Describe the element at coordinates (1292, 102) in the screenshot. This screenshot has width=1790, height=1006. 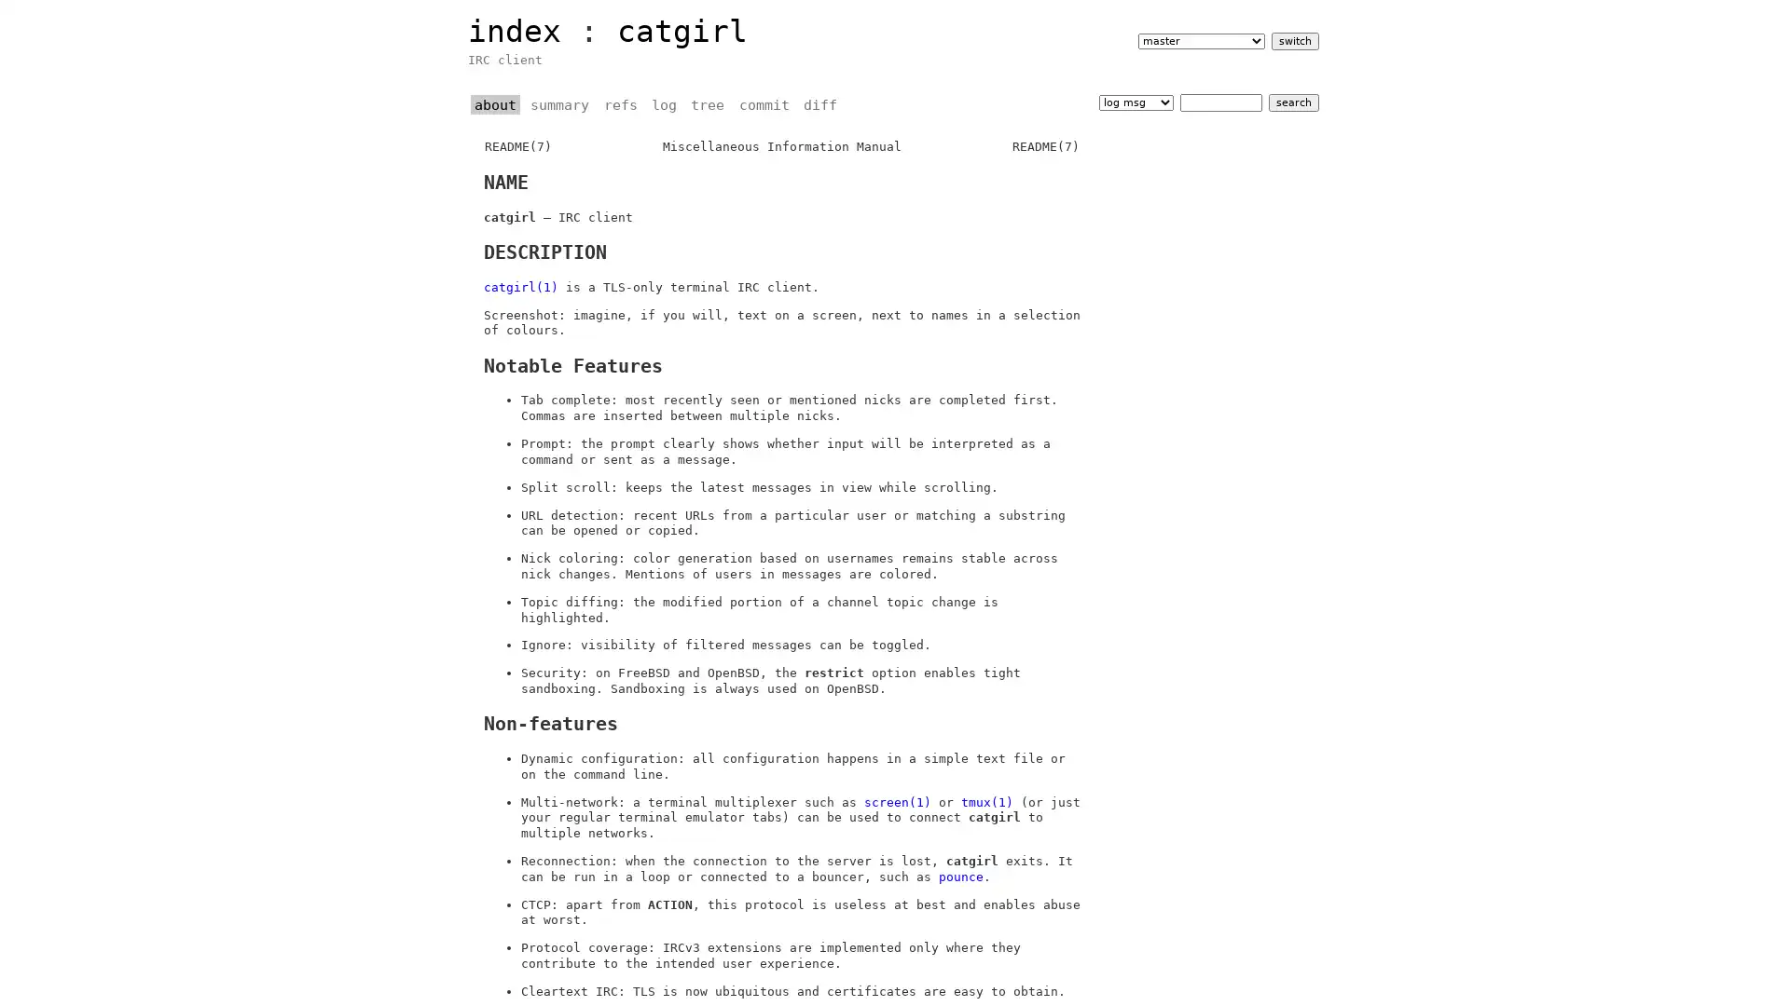
I see `search` at that location.